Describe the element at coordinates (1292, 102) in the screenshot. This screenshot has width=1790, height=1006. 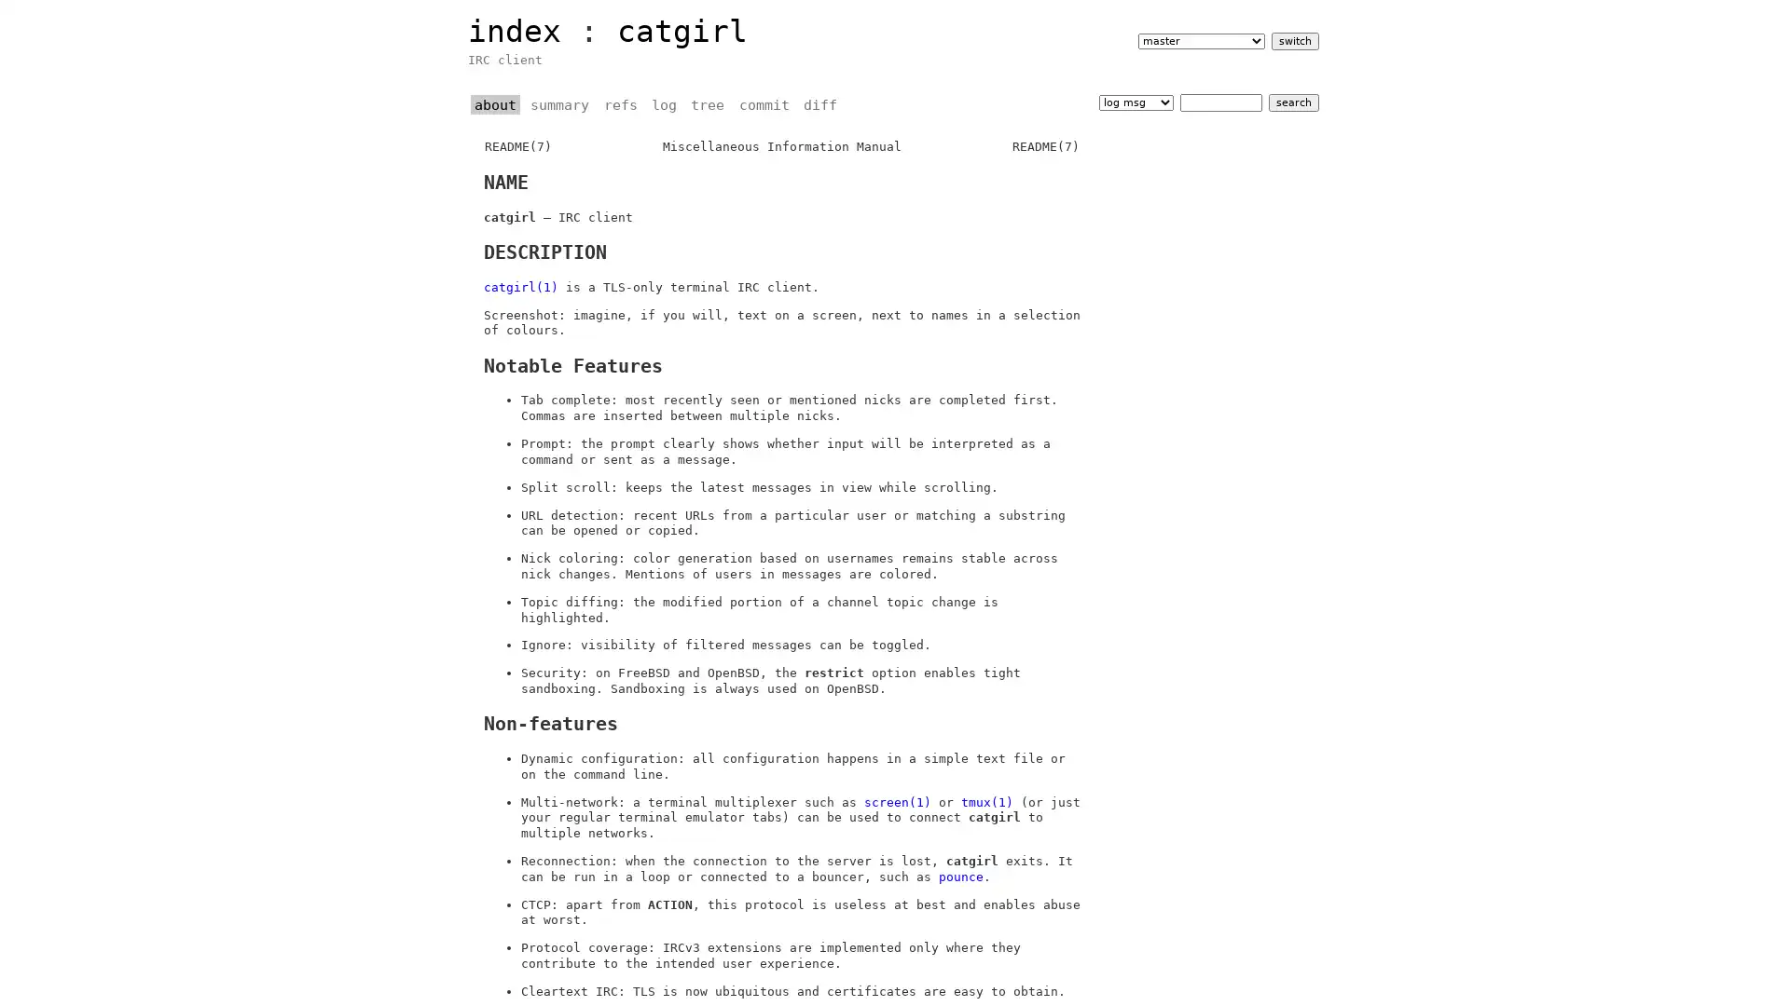
I see `search` at that location.